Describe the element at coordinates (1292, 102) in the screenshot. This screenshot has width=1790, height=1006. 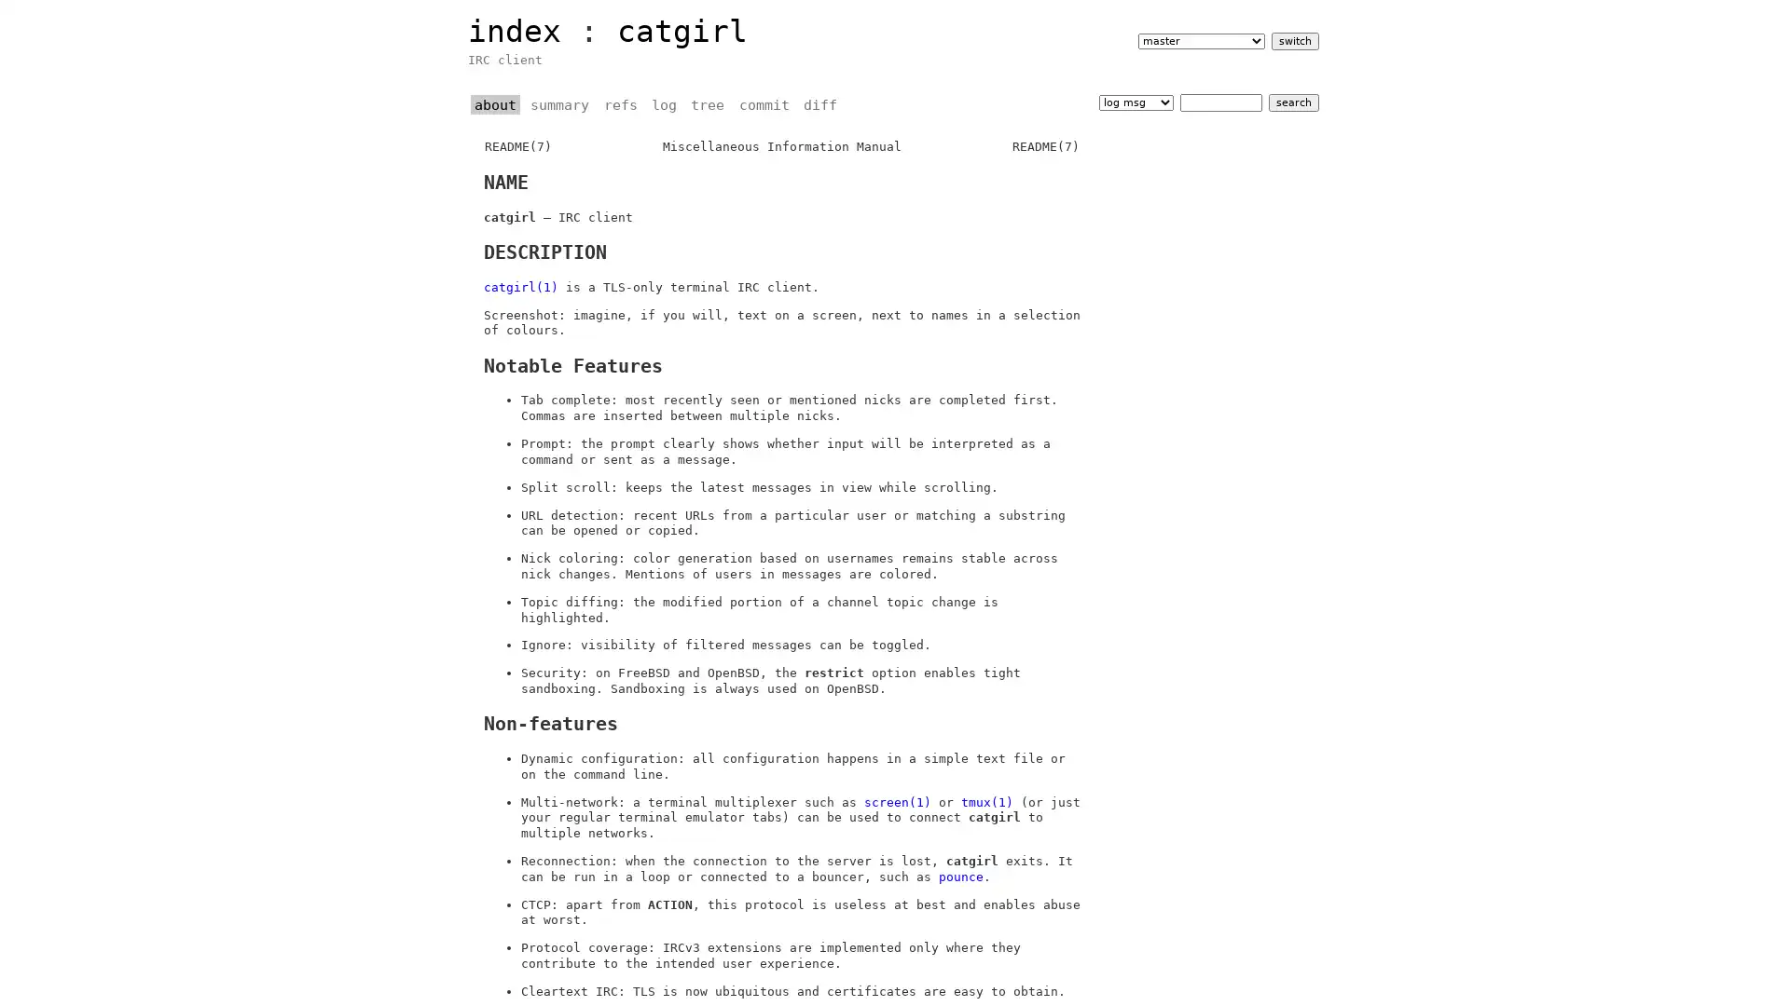
I see `search` at that location.